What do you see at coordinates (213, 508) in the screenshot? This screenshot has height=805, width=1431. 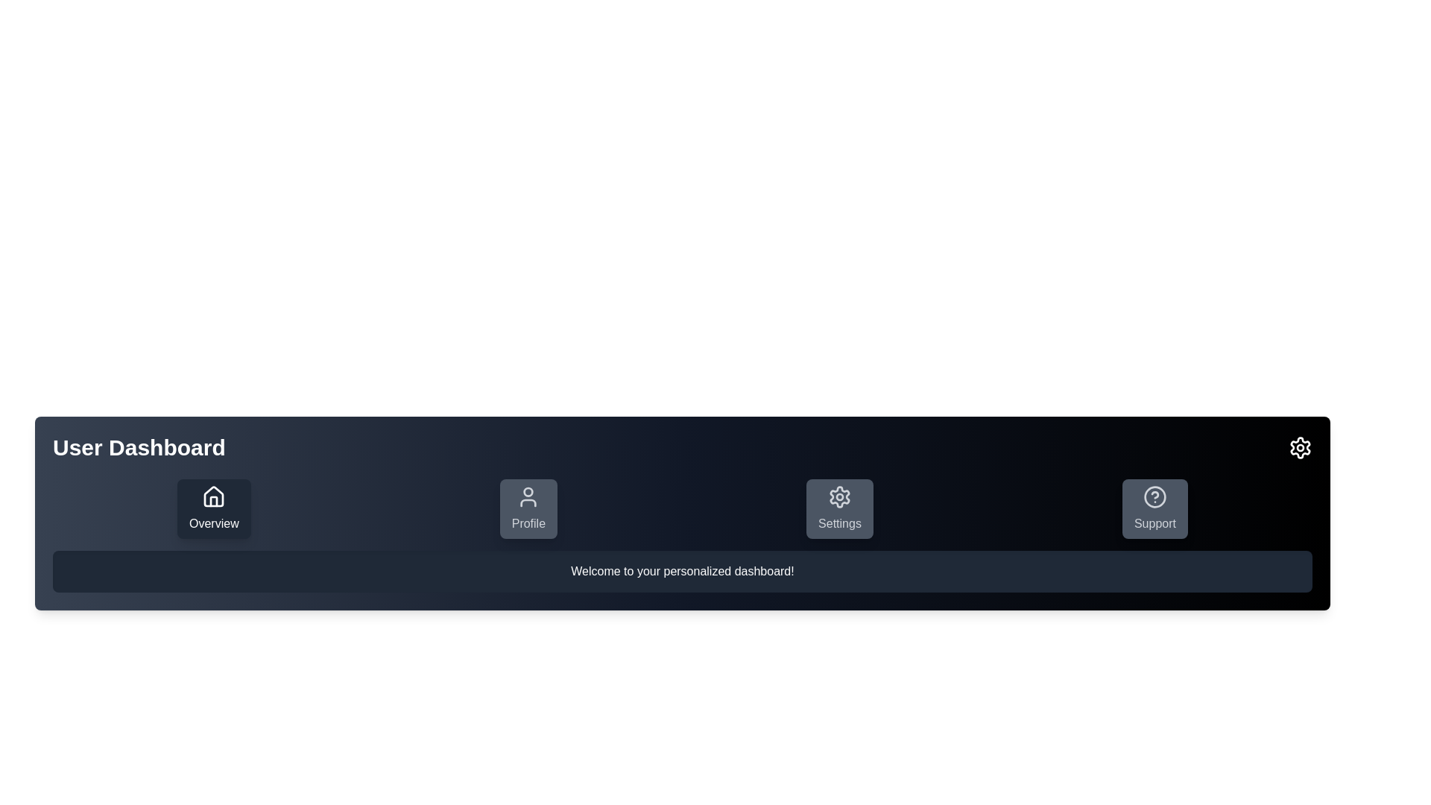 I see `the leftmost button that navigates to the 'Overview' section of the user dashboard for accessibility purposes` at bounding box center [213, 508].